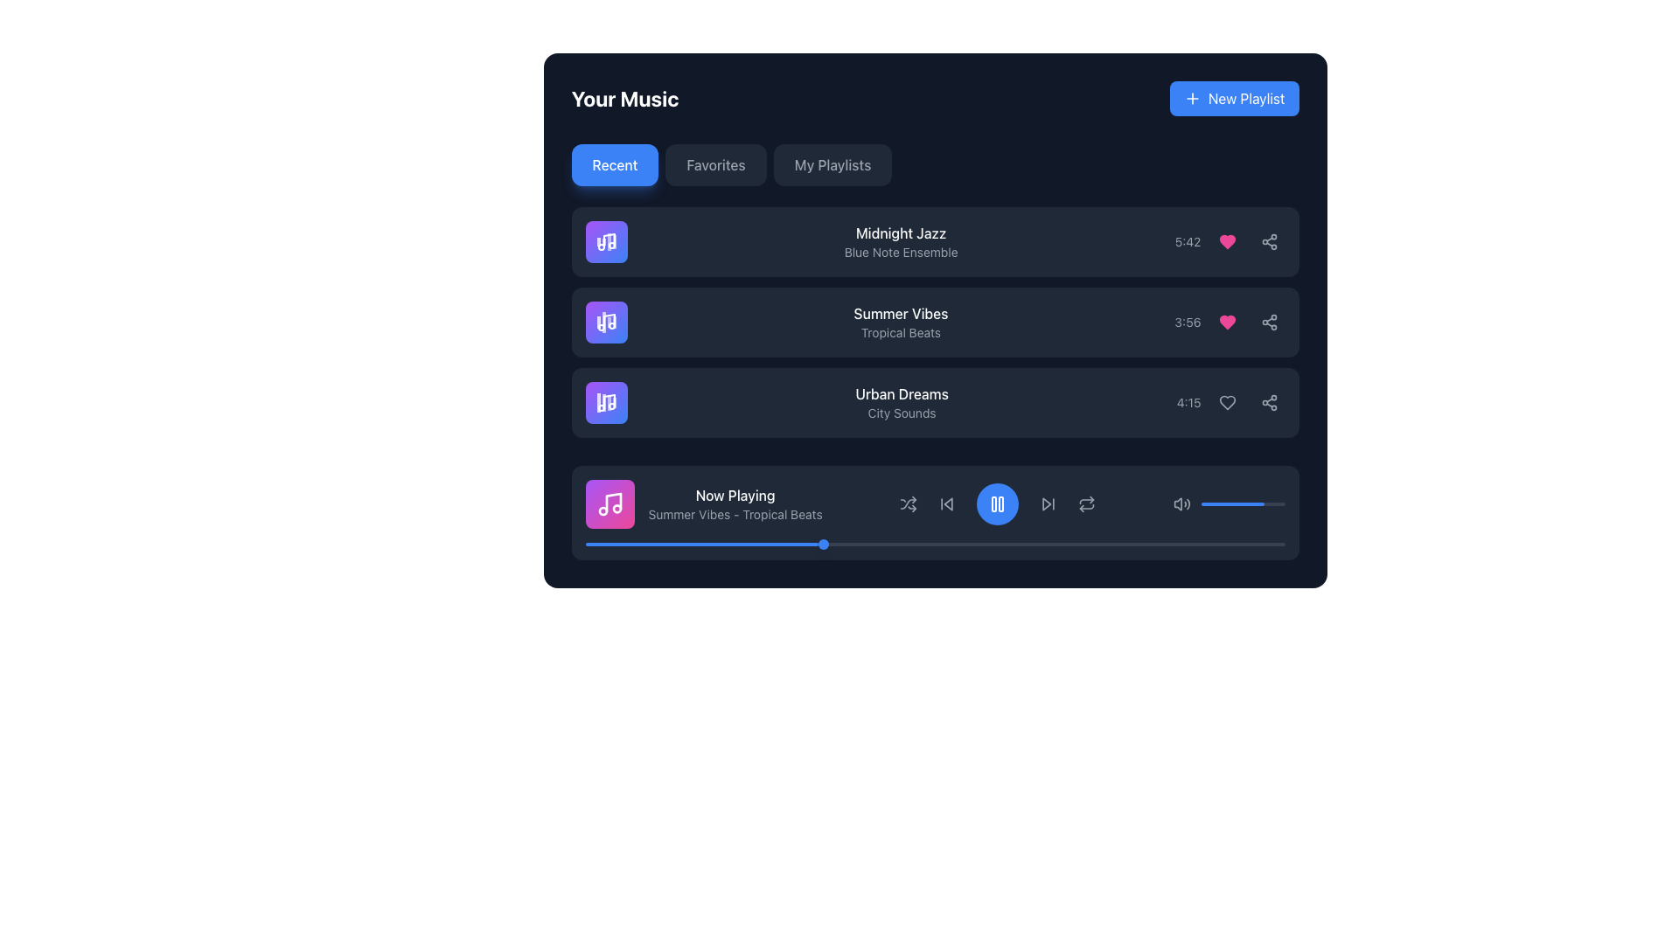  I want to click on the text label 'City Sounds' which is styled in a smaller gray font and positioned below the title 'Urban Dreams', so click(902, 413).